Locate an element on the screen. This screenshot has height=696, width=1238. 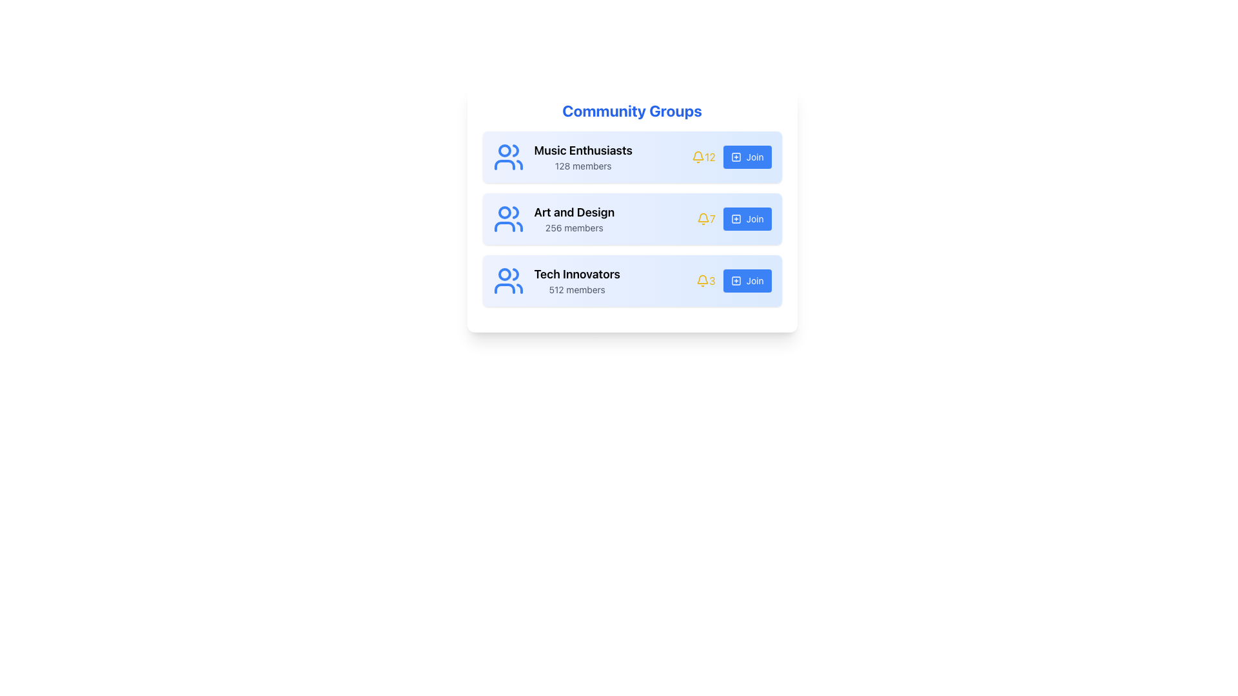
the square-shaped icon with a plus sign in its center, which is located to the left of the 'Join' text within the button in the 'Music Enthusiasts' row of the 'Community Groups' section is located at coordinates (736, 156).